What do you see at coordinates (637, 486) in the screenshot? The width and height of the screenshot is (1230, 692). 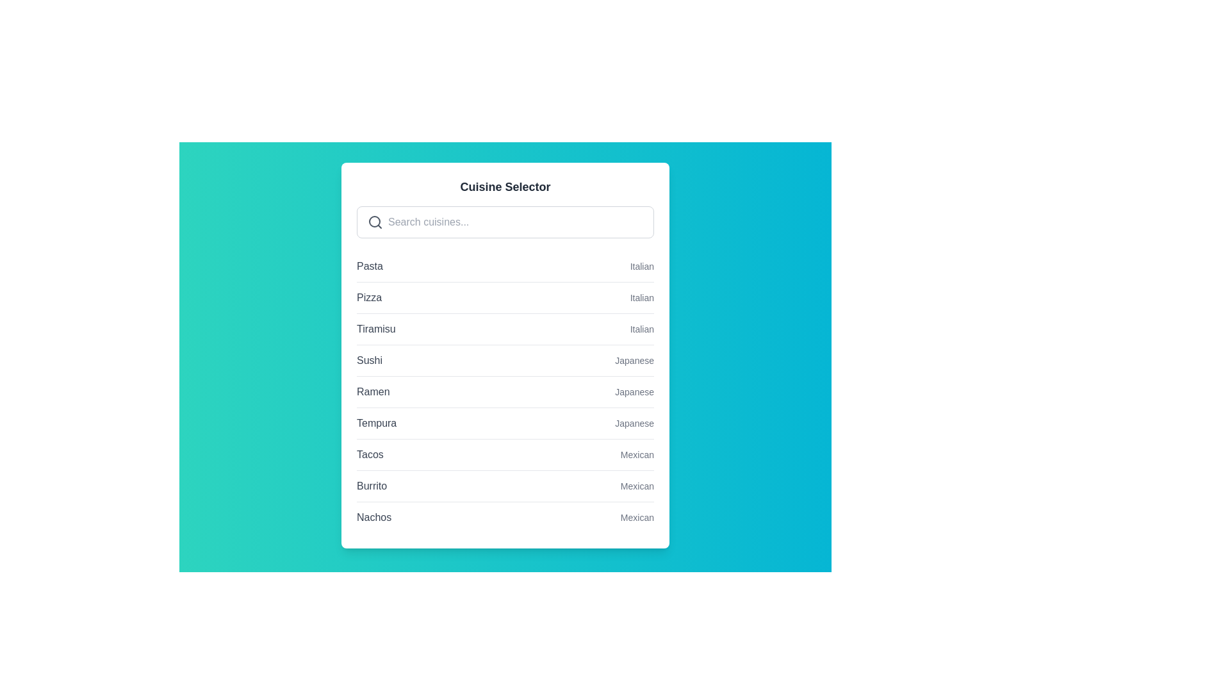 I see `the static text label reading 'Mexican', which is styled in gray and positioned to the right of 'Burrito' in the bottom row of the list` at bounding box center [637, 486].